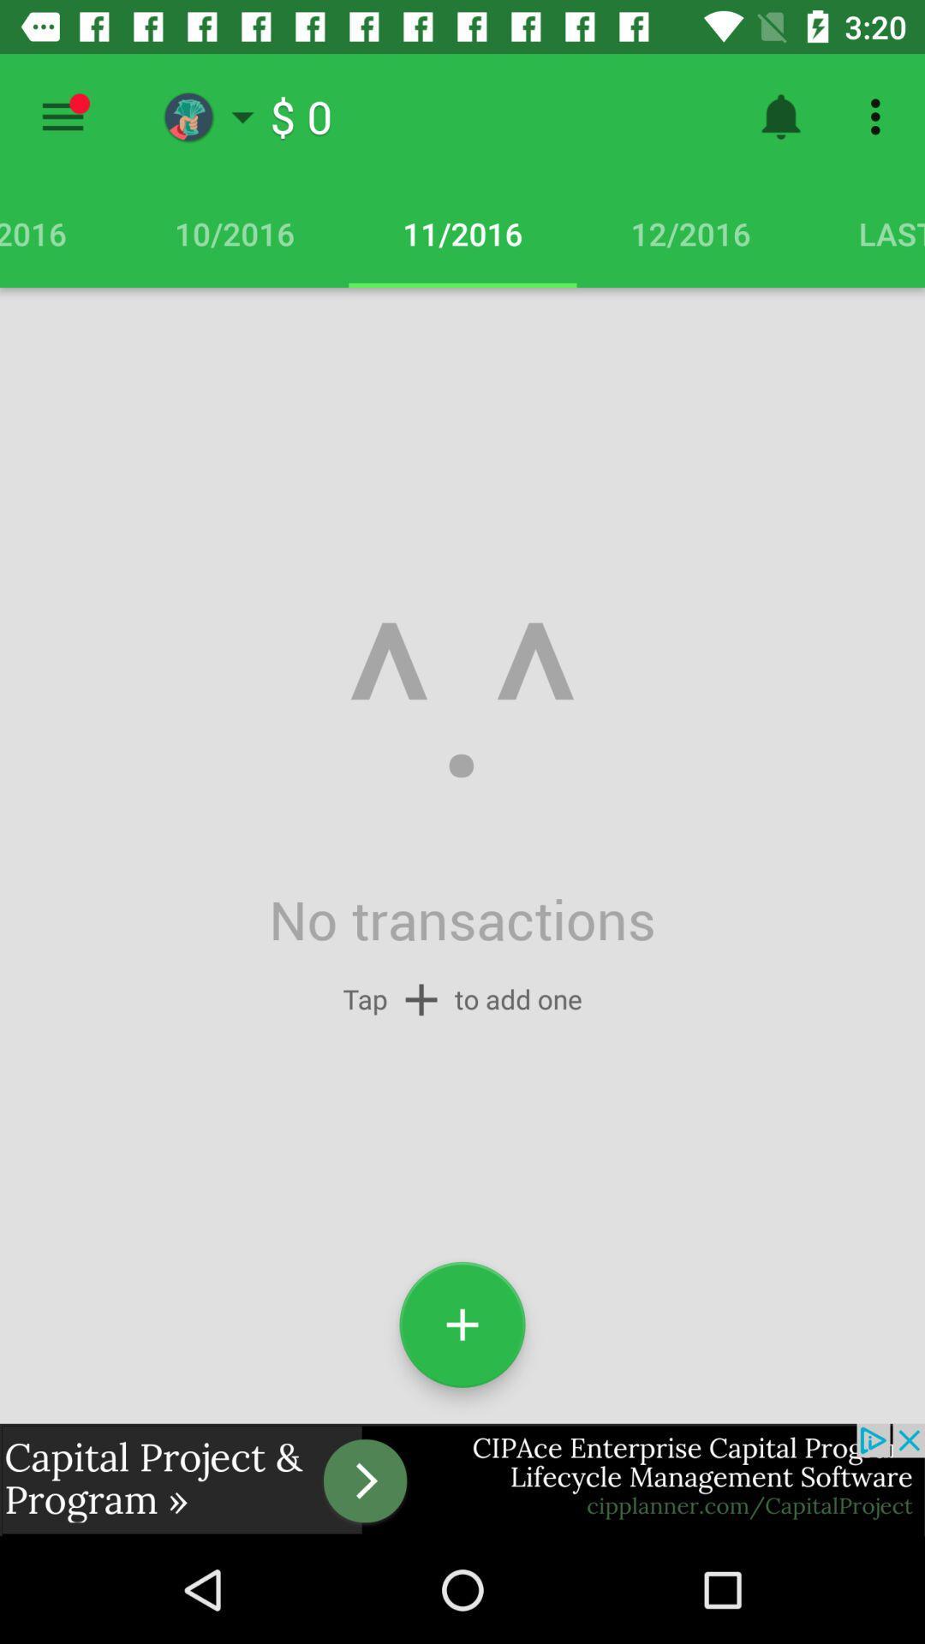 This screenshot has width=925, height=1644. What do you see at coordinates (462, 1479) in the screenshot?
I see `advertisement` at bounding box center [462, 1479].